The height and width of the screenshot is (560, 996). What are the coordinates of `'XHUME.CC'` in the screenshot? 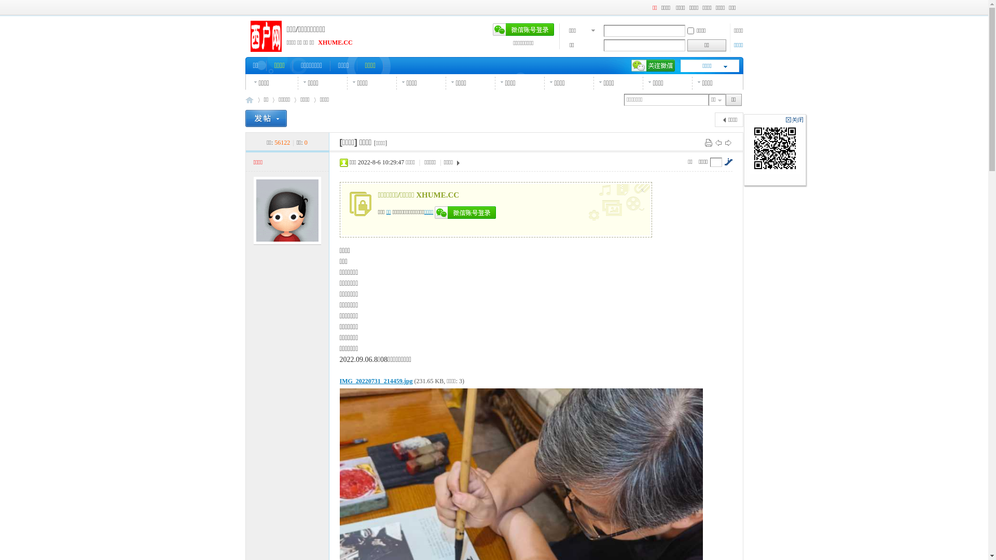 It's located at (335, 41).